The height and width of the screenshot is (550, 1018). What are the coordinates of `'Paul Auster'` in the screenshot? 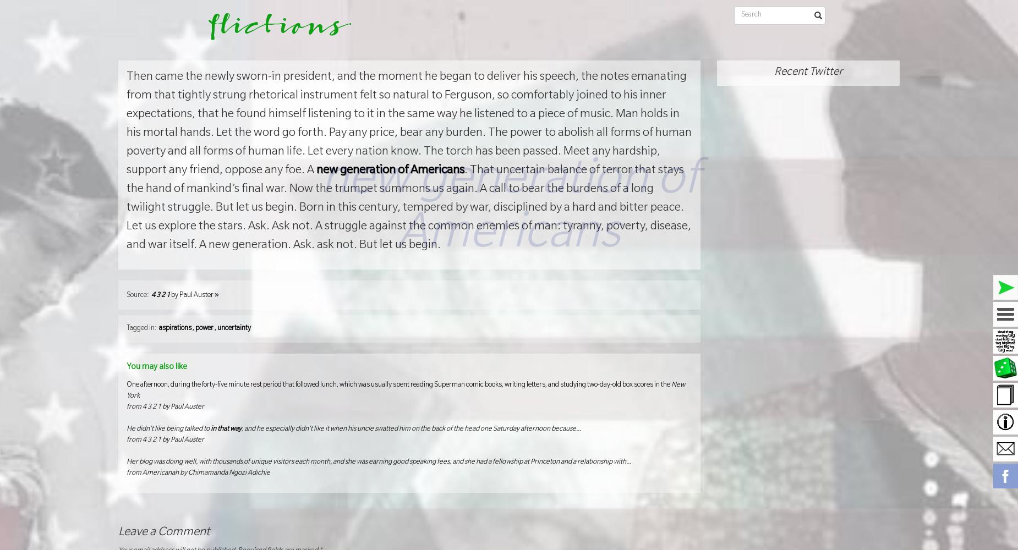 It's located at (196, 295).